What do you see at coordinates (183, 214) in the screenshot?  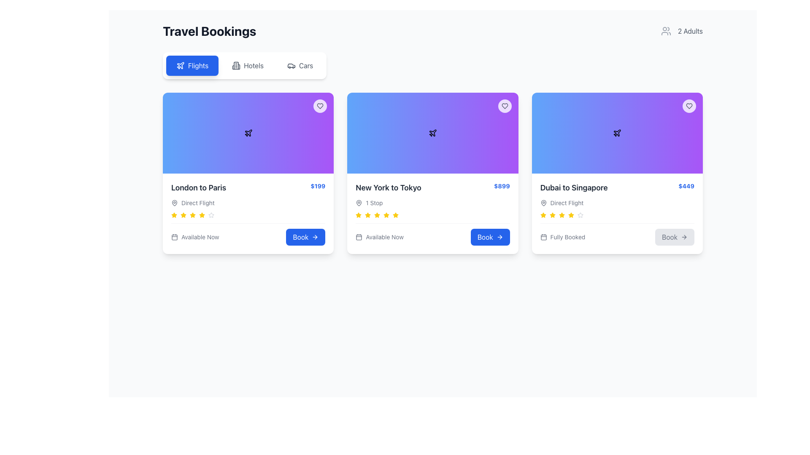 I see `the third star icon in the 5-star rating row of the 'London to Paris' travel card` at bounding box center [183, 214].